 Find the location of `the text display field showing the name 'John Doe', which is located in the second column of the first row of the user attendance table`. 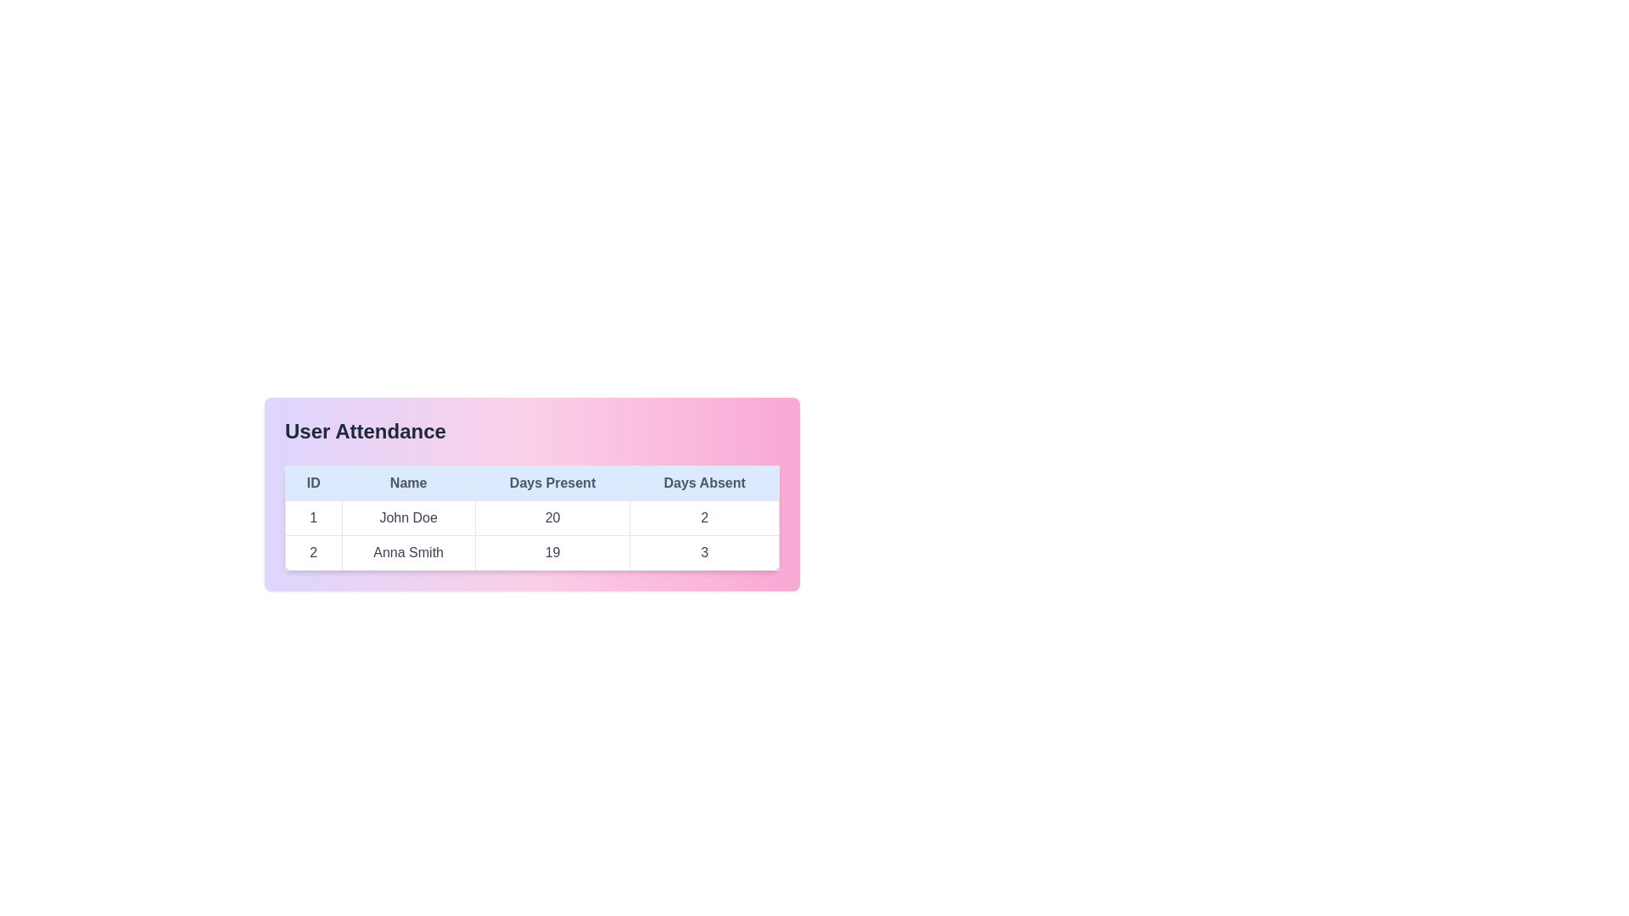

the text display field showing the name 'John Doe', which is located in the second column of the first row of the user attendance table is located at coordinates (408, 517).